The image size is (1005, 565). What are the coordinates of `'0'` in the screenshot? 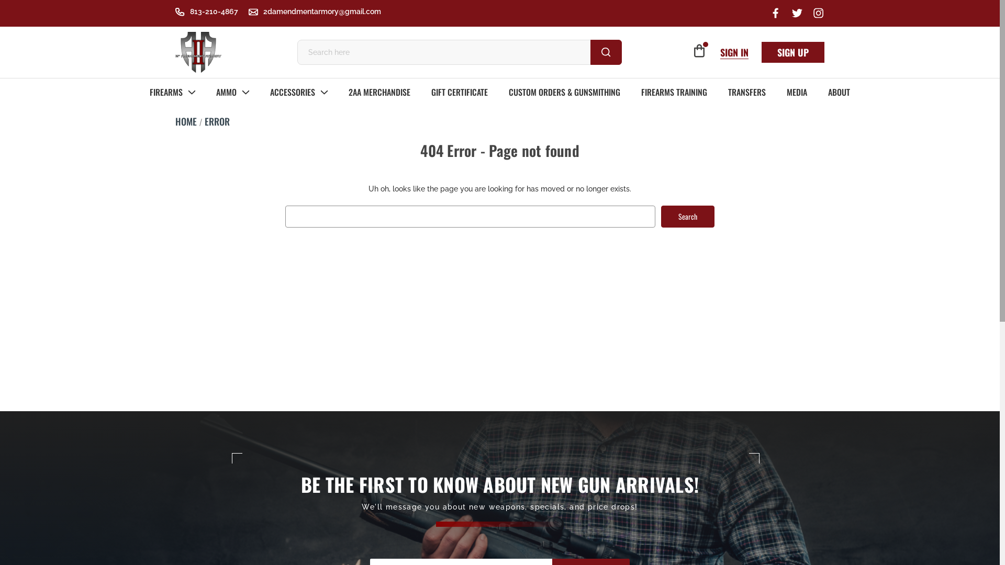 It's located at (699, 51).